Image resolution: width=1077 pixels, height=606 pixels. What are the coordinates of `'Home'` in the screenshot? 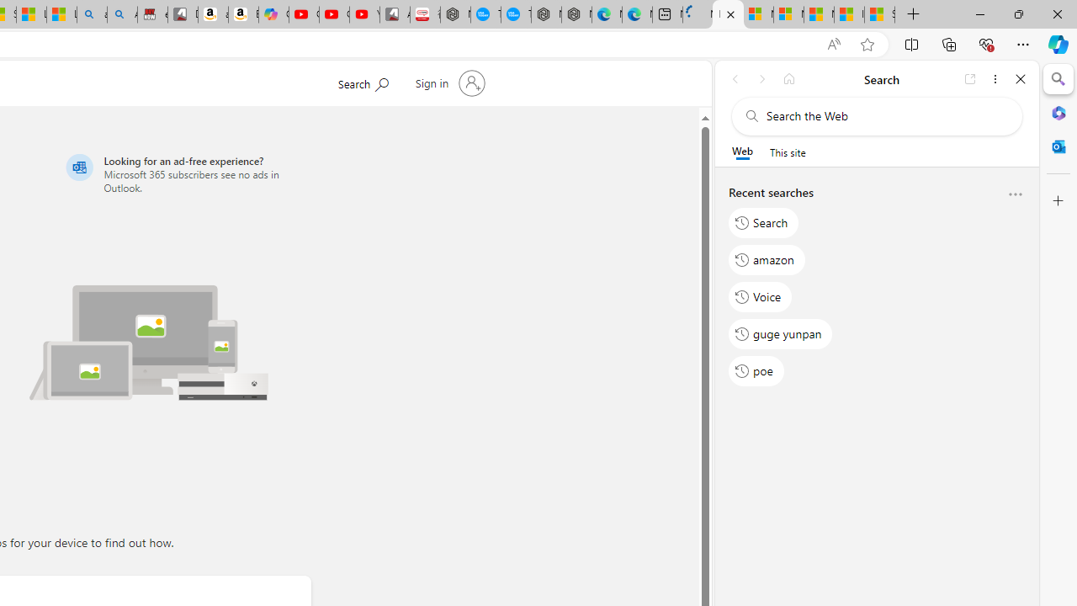 It's located at (788, 78).